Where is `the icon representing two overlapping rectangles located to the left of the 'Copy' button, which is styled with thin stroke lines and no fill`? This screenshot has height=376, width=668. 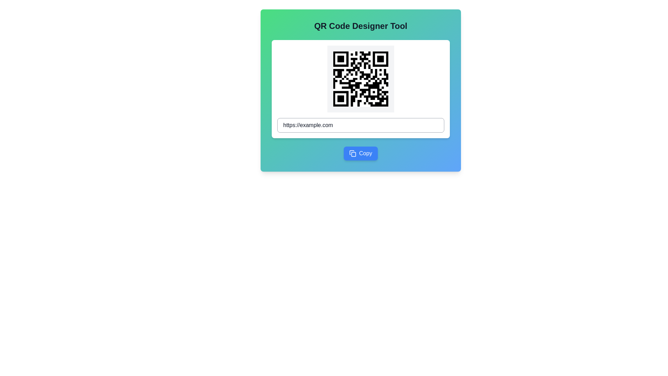
the icon representing two overlapping rectangles located to the left of the 'Copy' button, which is styled with thin stroke lines and no fill is located at coordinates (353, 153).